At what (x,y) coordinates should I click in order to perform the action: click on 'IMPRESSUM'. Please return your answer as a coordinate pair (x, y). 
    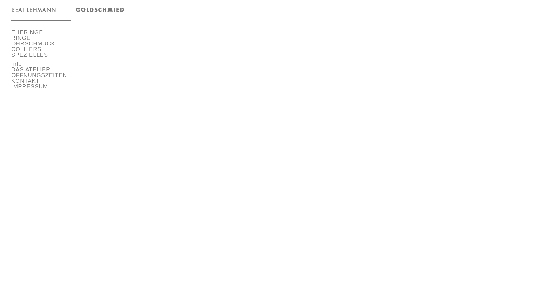
    Looking at the image, I should click on (29, 86).